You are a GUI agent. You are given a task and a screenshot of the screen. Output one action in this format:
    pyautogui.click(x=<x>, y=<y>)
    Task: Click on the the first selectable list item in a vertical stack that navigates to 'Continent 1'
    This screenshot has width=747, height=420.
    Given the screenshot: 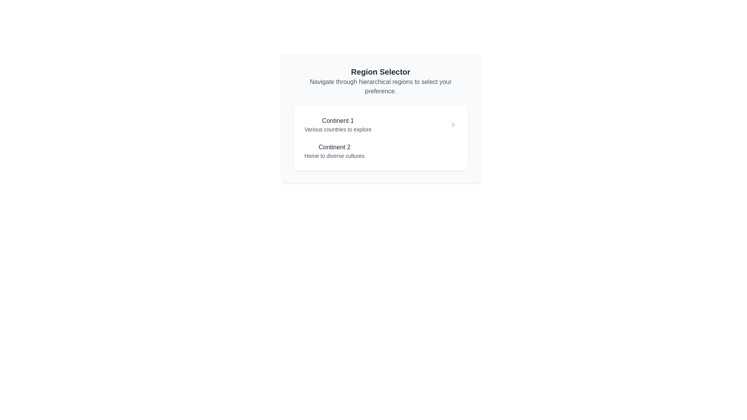 What is the action you would take?
    pyautogui.click(x=381, y=124)
    